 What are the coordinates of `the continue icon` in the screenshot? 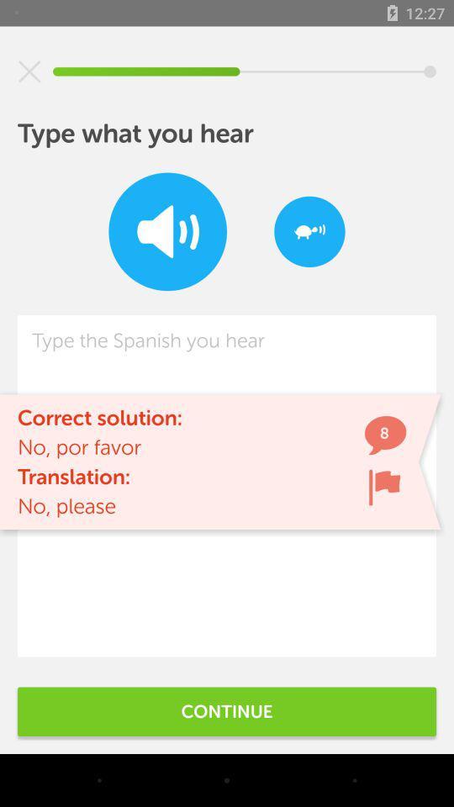 It's located at (227, 710).